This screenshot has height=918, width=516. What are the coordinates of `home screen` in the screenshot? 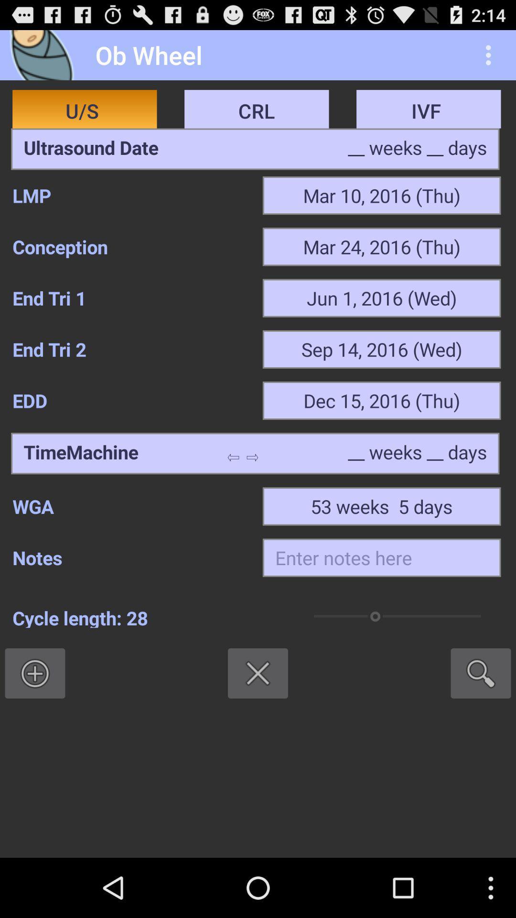 It's located at (45, 55).